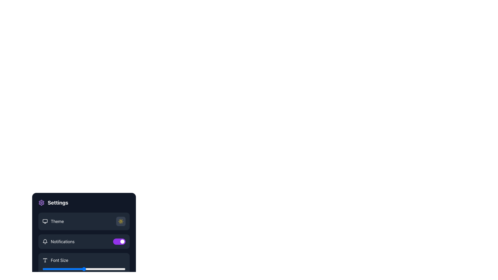 This screenshot has height=280, width=498. What do you see at coordinates (62, 242) in the screenshot?
I see `the 'Notifications' label, which is displayed in white sans-serif typeface against a dark background within the 'Settings' view` at bounding box center [62, 242].